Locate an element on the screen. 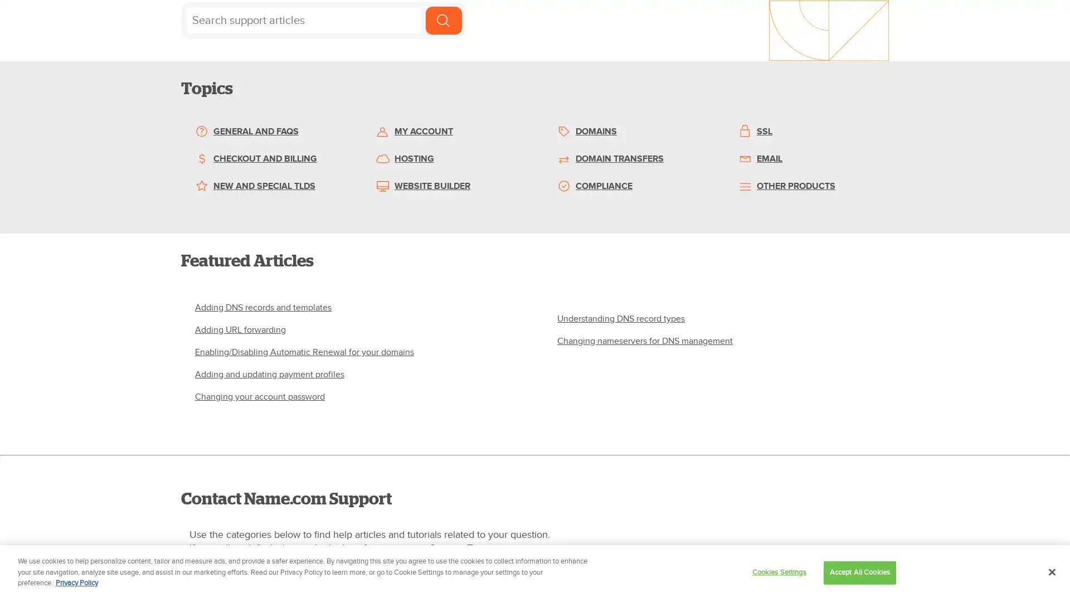  Close is located at coordinates (1051, 572).